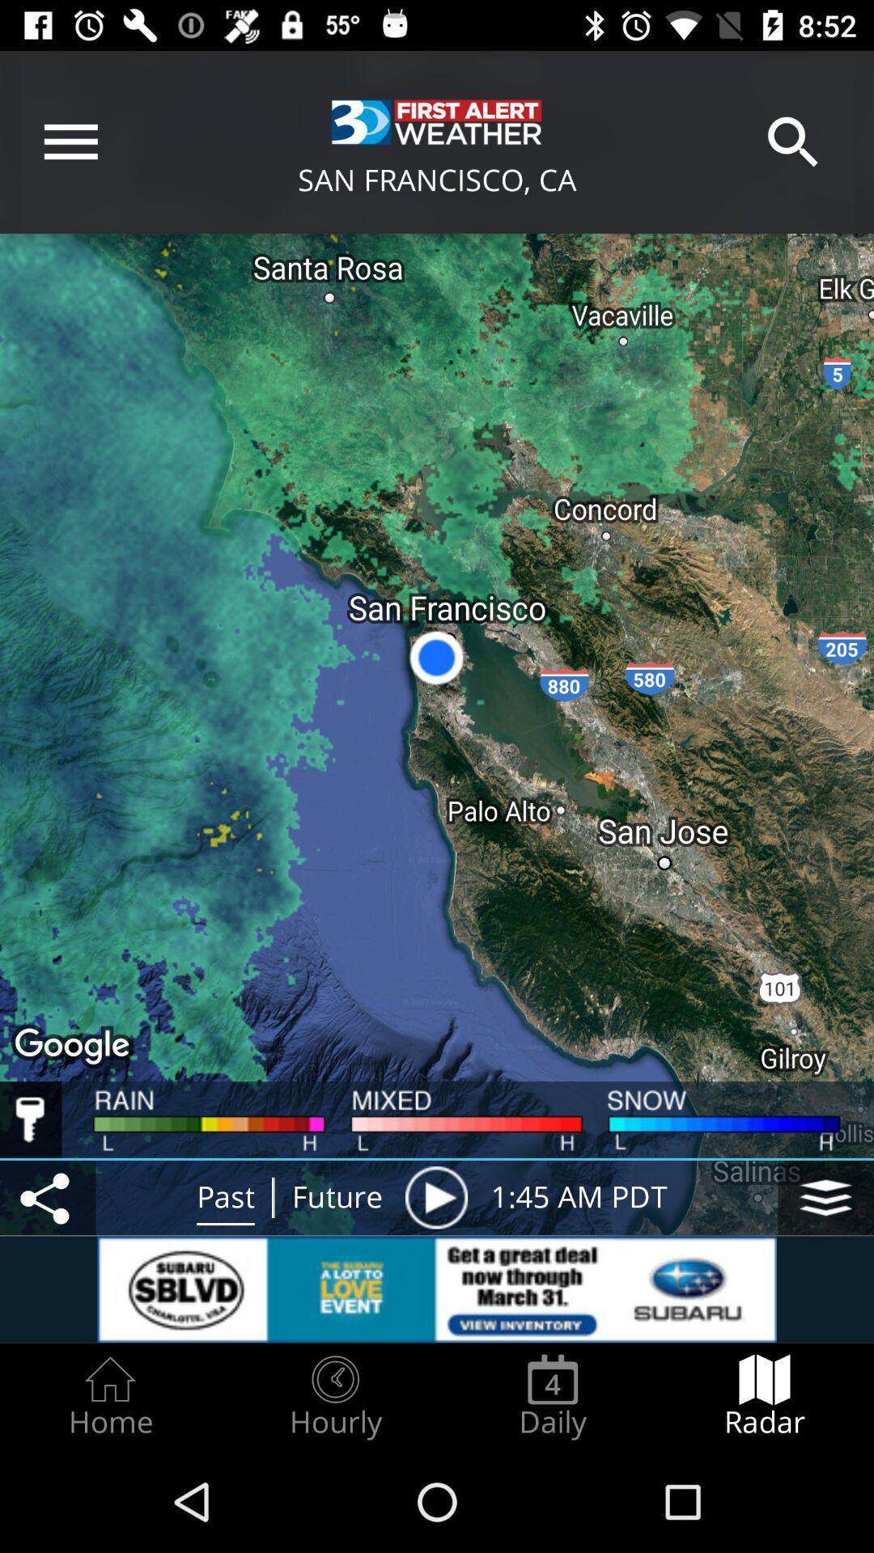  I want to click on menu icon, so click(70, 142).